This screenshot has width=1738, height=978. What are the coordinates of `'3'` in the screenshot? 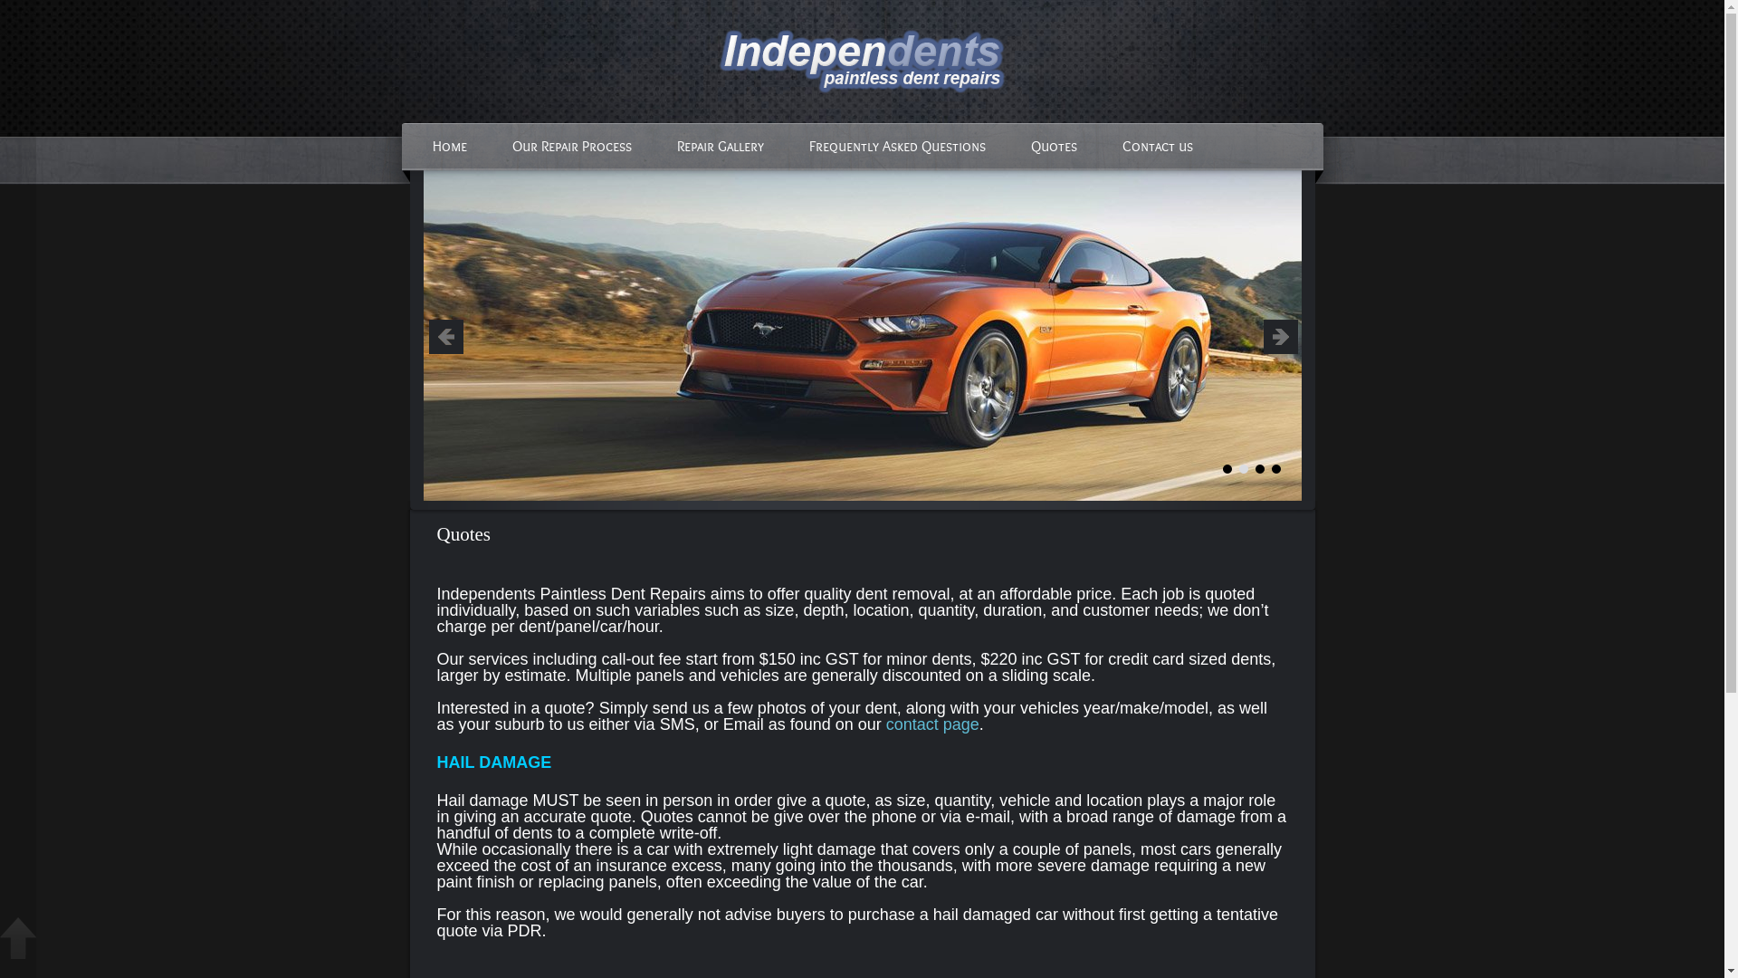 It's located at (1258, 467).